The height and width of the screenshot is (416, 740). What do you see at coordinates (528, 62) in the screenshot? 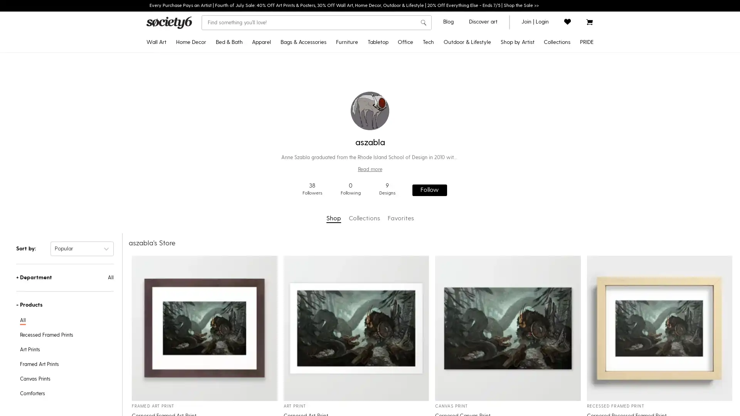
I see `Pride MonthNEW` at bounding box center [528, 62].